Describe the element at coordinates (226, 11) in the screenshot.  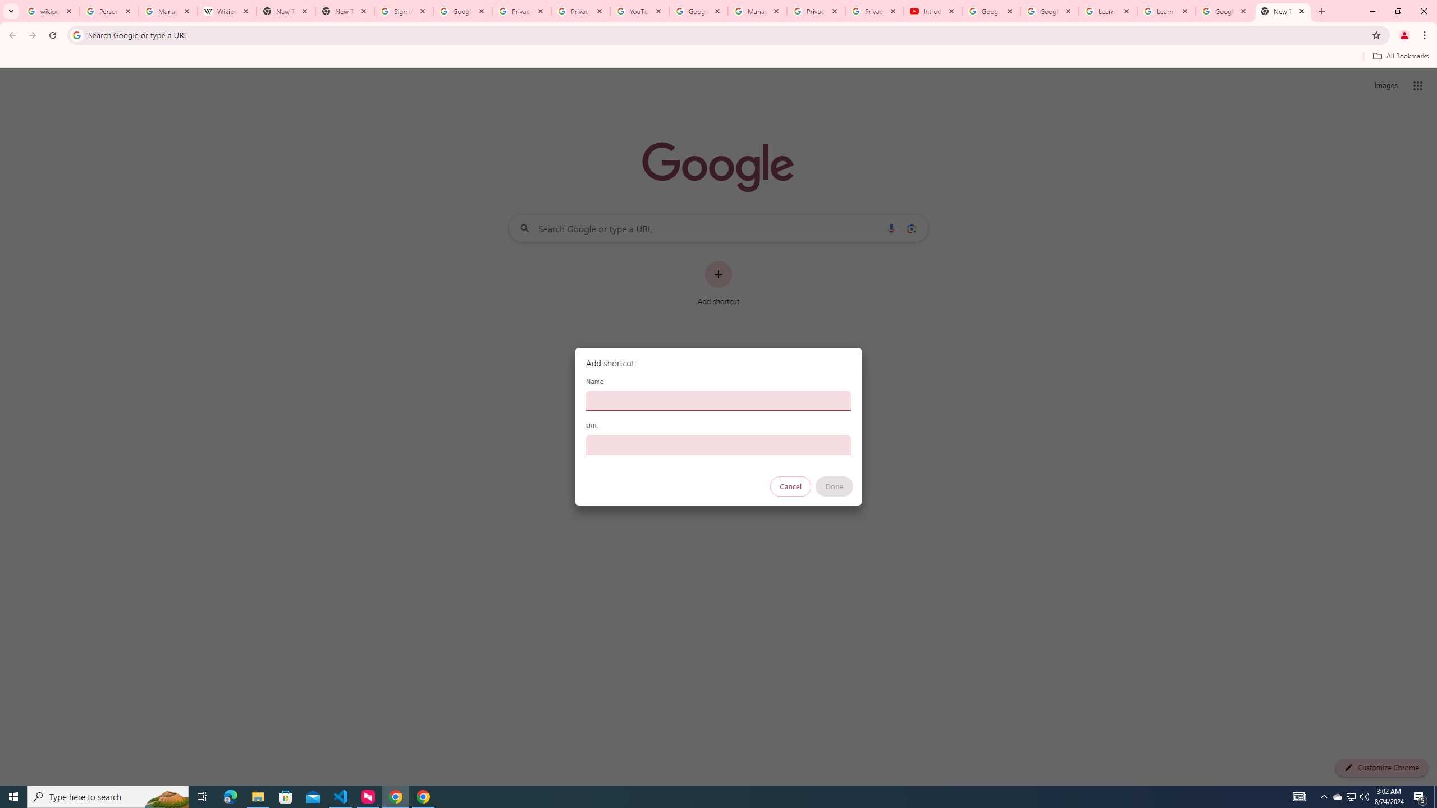
I see `'Wikipedia:Edit requests - Wikipedia'` at that location.